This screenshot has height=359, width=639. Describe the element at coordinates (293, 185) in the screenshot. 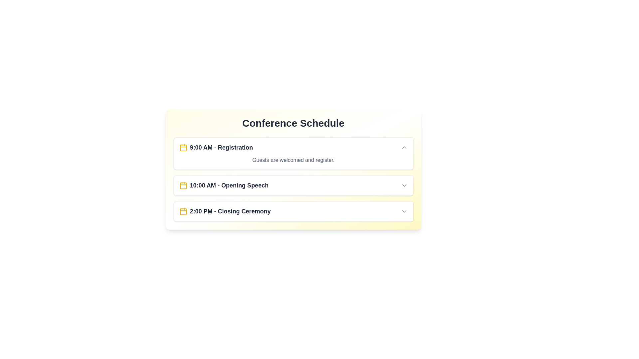

I see `the list item titled '10:00 AM - Opening Speech'` at that location.